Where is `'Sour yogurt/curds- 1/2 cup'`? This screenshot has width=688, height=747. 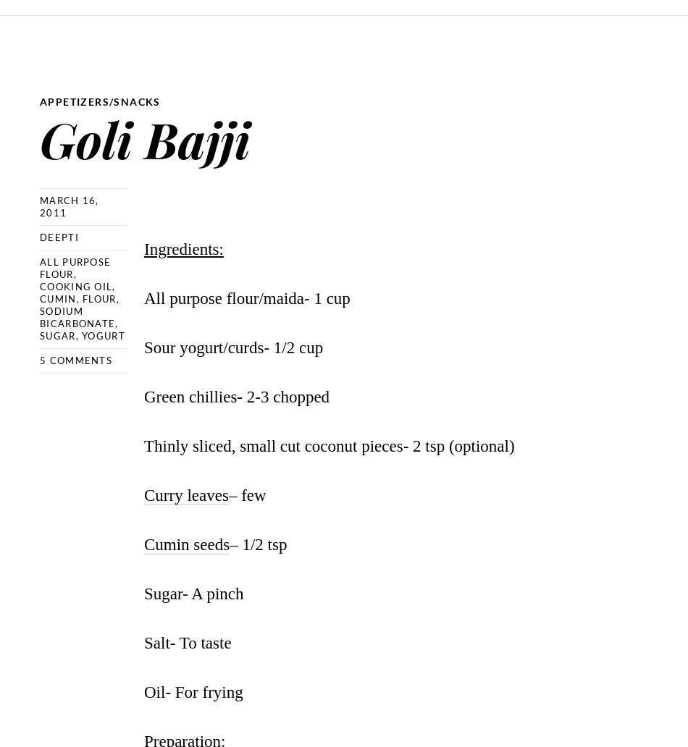
'Sour yogurt/curds- 1/2 cup' is located at coordinates (232, 347).